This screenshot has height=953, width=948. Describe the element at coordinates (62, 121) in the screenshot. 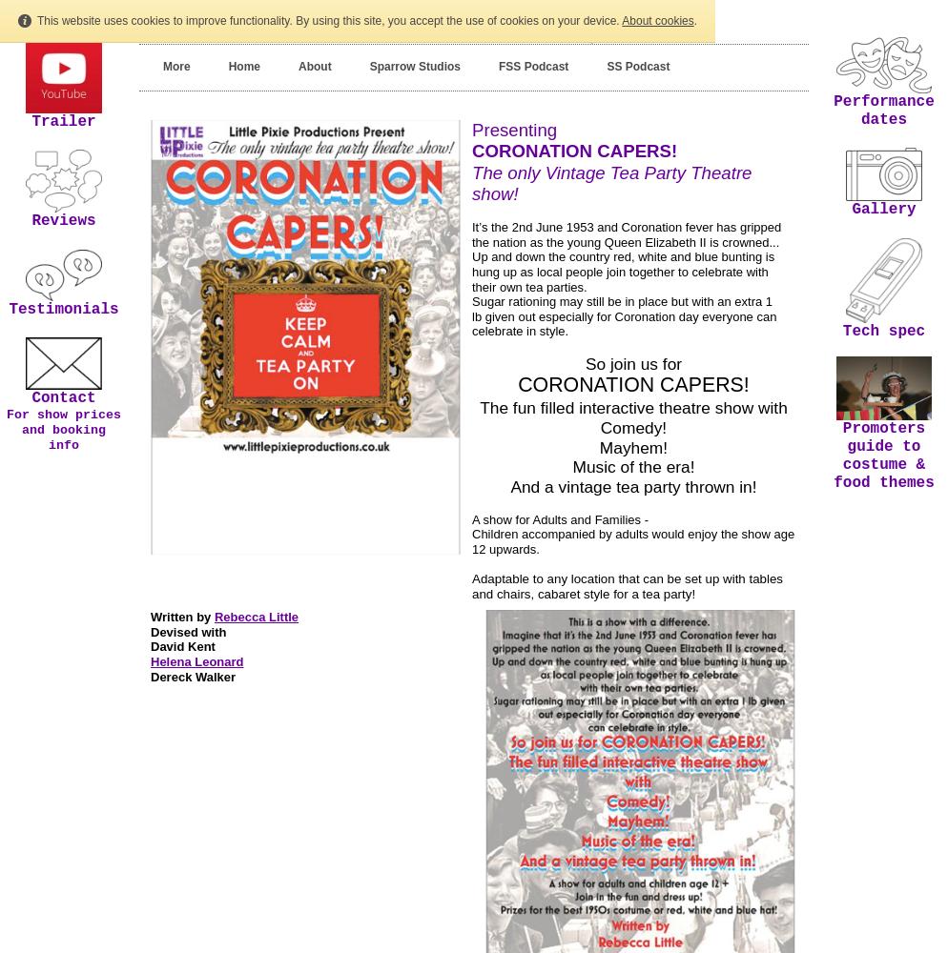

I see `'Trailer'` at that location.